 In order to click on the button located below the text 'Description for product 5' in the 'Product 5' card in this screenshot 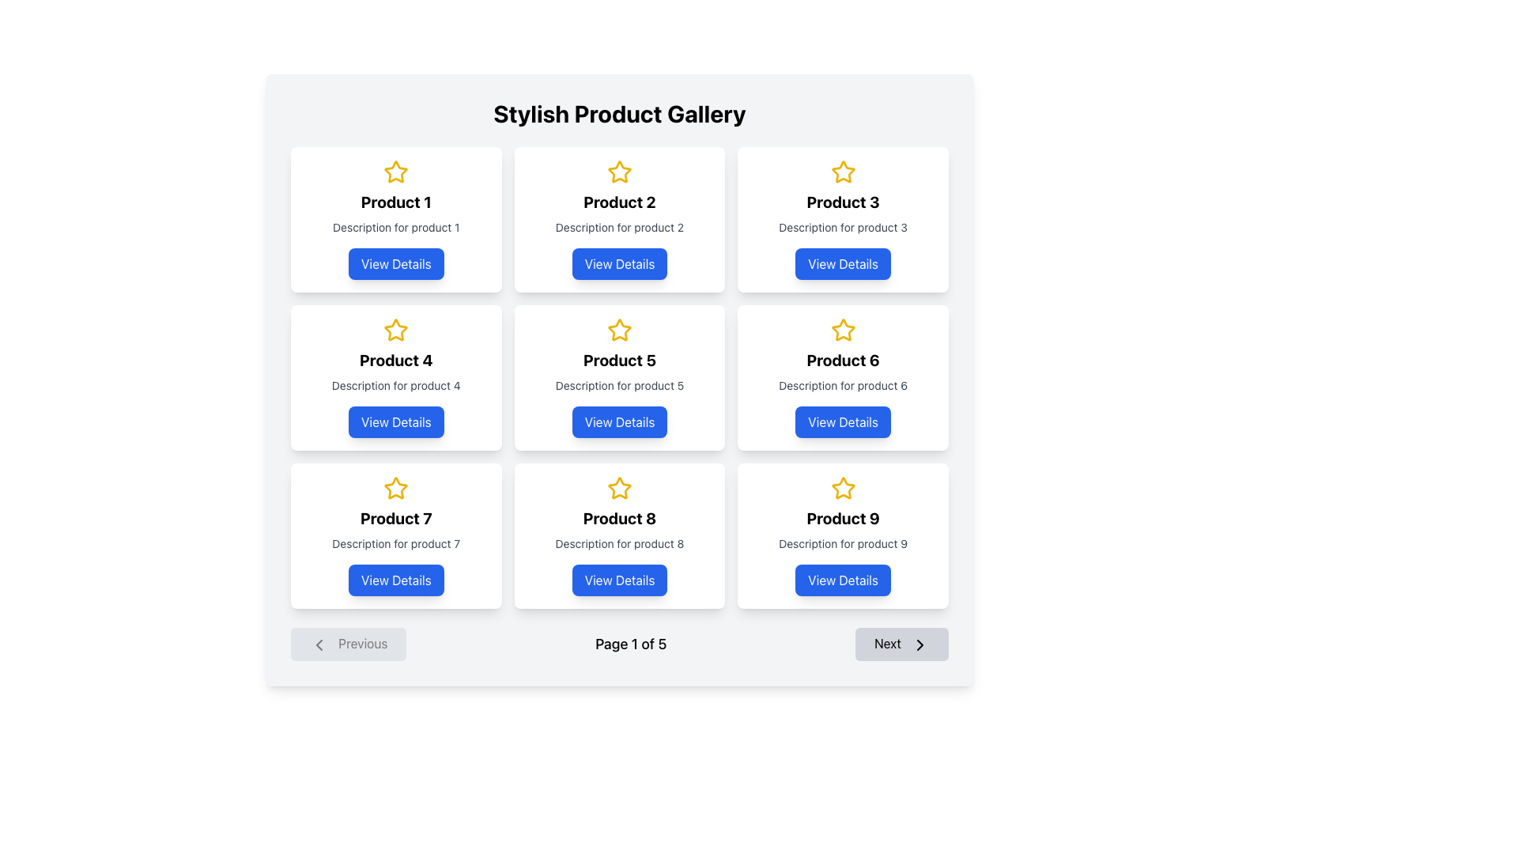, I will do `click(618, 421)`.